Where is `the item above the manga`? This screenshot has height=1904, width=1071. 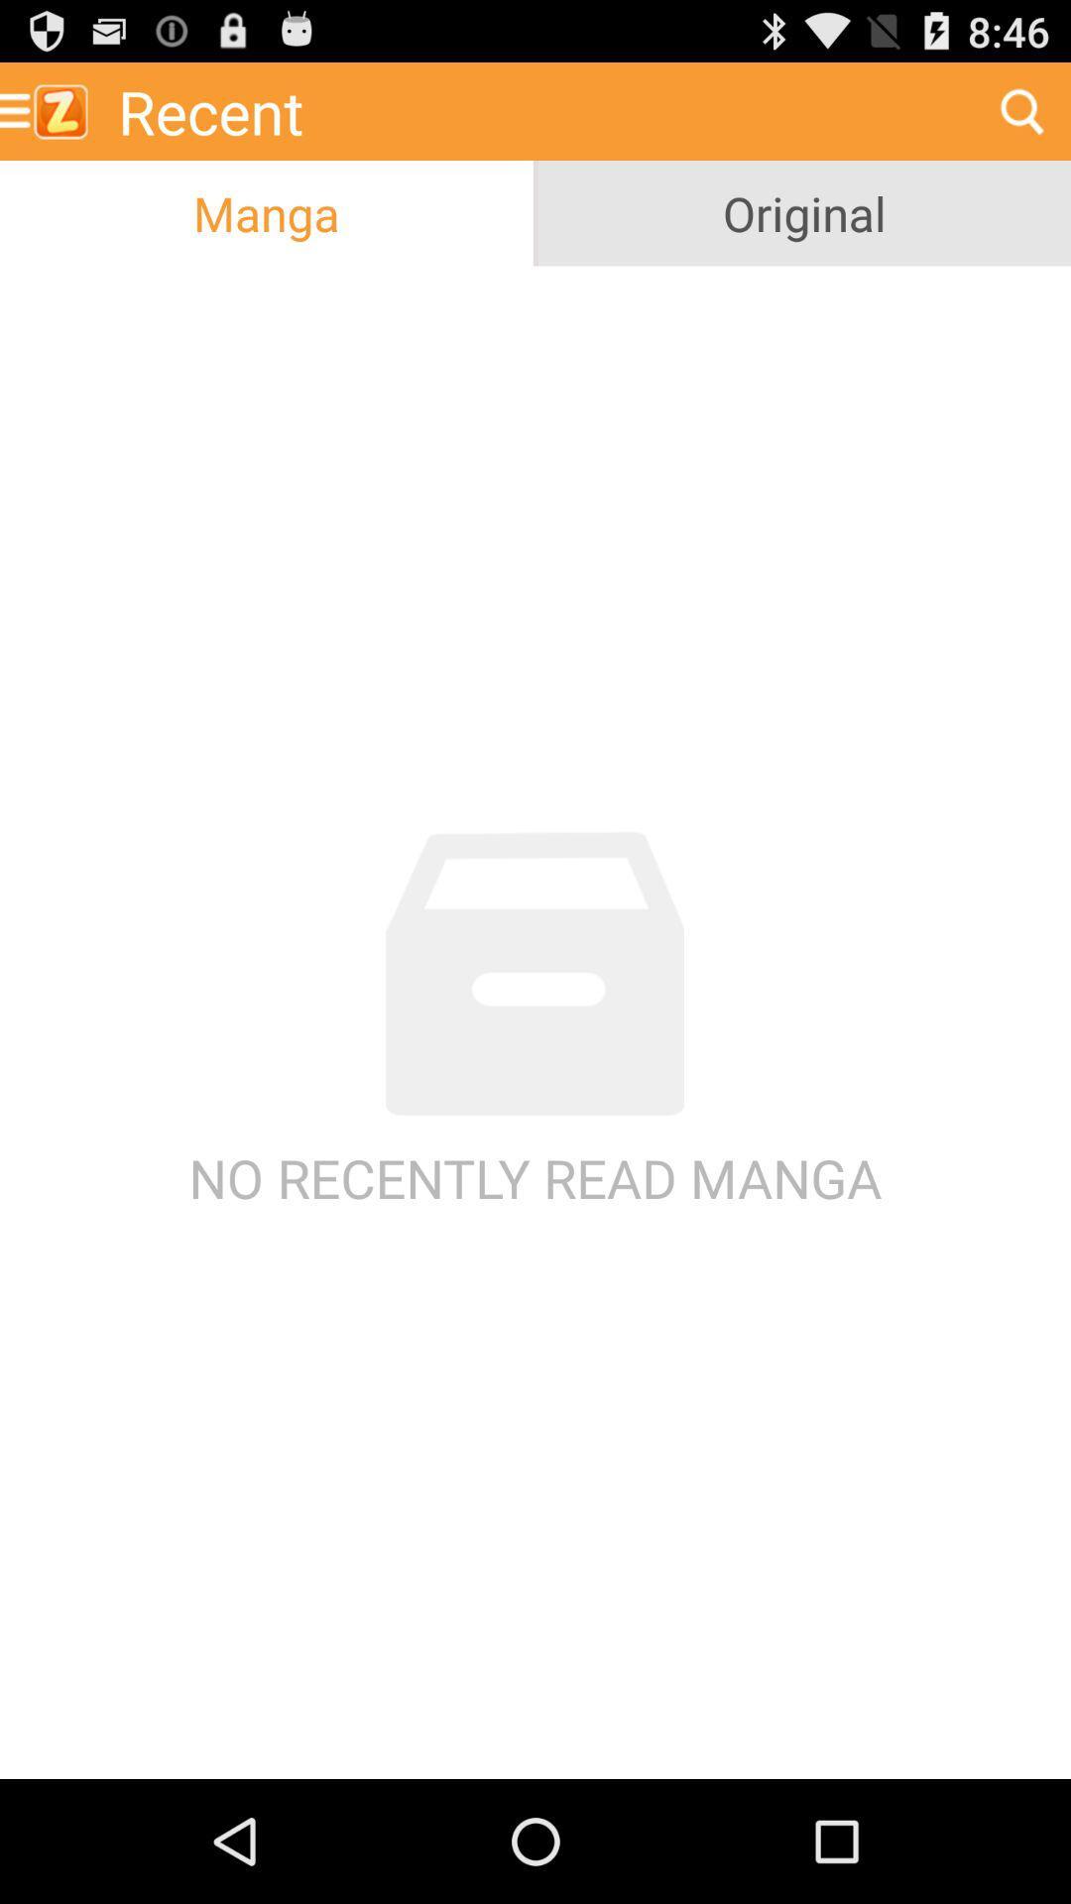 the item above the manga is located at coordinates (538, 110).